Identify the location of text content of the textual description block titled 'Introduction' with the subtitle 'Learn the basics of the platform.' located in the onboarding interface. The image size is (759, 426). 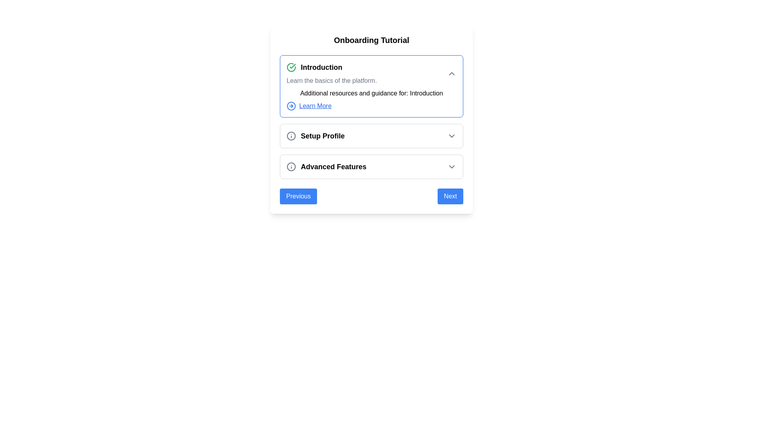
(332, 73).